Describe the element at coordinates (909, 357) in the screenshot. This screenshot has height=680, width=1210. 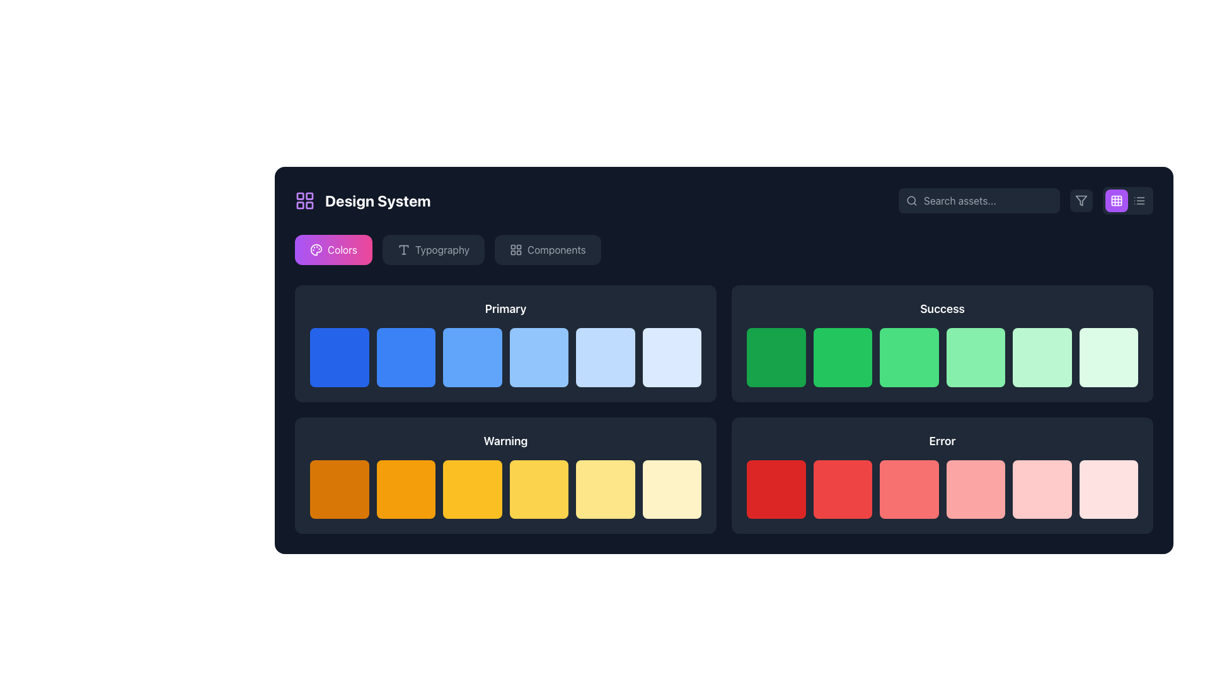
I see `the fourth selectable square button in the horizontal grid of six green-themed items under the 'Success' section for interaction` at that location.